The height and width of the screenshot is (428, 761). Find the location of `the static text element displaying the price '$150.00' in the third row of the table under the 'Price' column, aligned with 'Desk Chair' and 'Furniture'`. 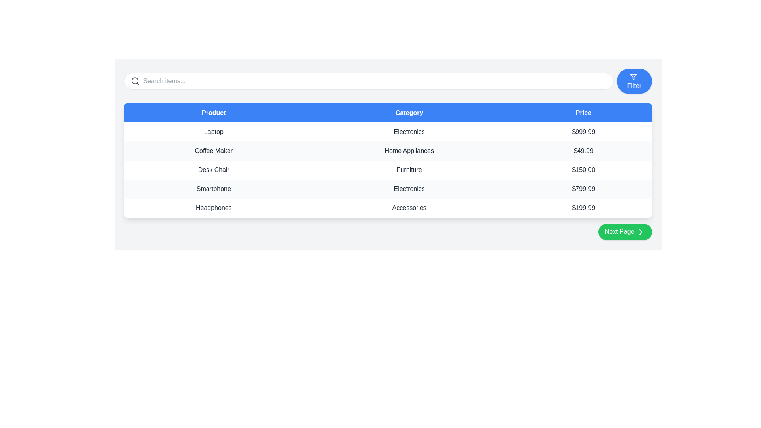

the static text element displaying the price '$150.00' in the third row of the table under the 'Price' column, aligned with 'Desk Chair' and 'Furniture' is located at coordinates (583, 169).